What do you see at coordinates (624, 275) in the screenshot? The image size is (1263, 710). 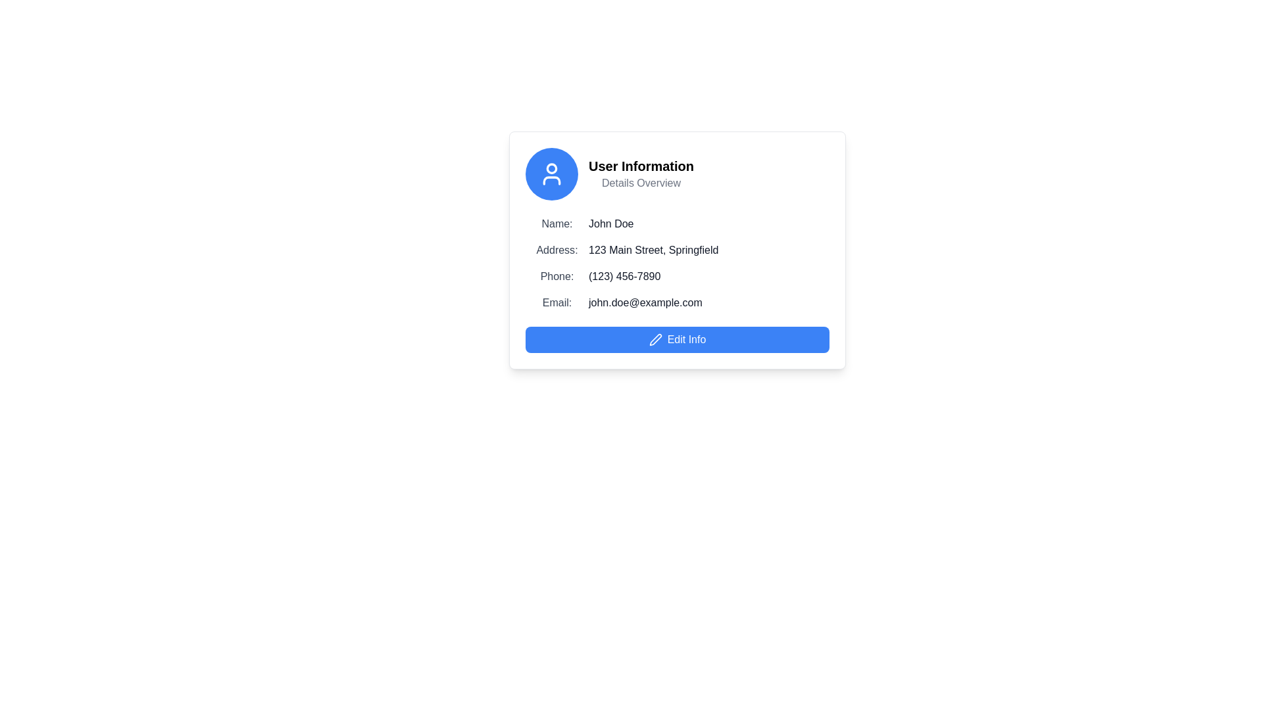 I see `phone number displayed next to the label 'Phone:' in the card layout` at bounding box center [624, 275].